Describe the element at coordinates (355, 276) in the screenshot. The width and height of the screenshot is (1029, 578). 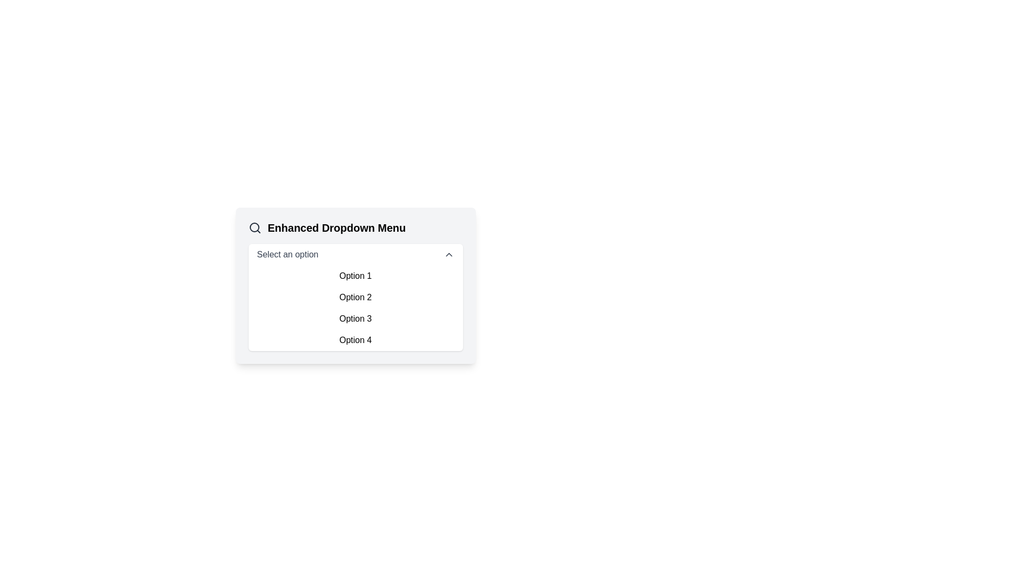
I see `the first list item displaying 'Option 1'` at that location.